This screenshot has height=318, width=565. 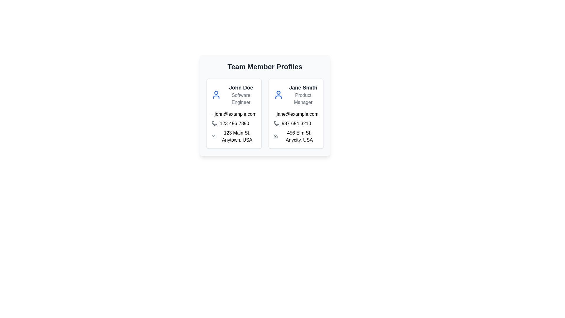 What do you see at coordinates (275, 136) in the screenshot?
I see `the stylized line drawing house icon located in the address section for Jane Smith on the right card of the Team Member Profiles component` at bounding box center [275, 136].